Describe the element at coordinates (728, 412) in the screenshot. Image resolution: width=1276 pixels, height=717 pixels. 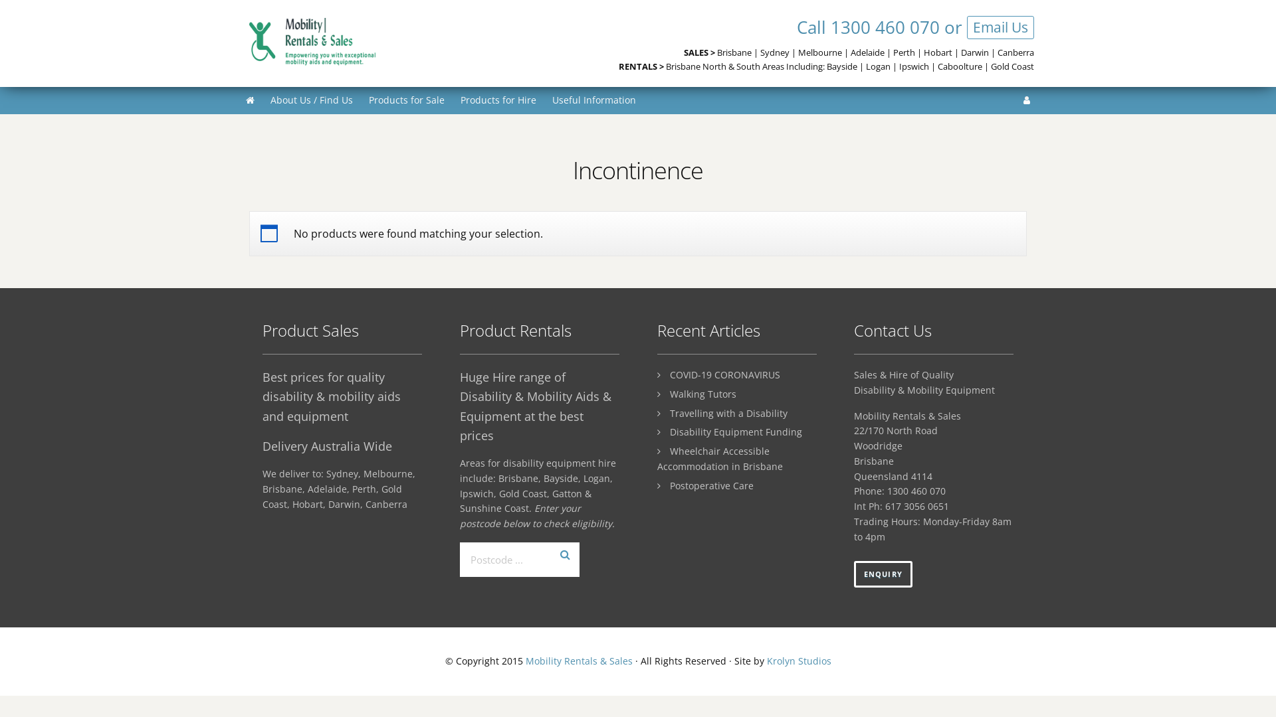
I see `'Travelling with a Disability'` at that location.